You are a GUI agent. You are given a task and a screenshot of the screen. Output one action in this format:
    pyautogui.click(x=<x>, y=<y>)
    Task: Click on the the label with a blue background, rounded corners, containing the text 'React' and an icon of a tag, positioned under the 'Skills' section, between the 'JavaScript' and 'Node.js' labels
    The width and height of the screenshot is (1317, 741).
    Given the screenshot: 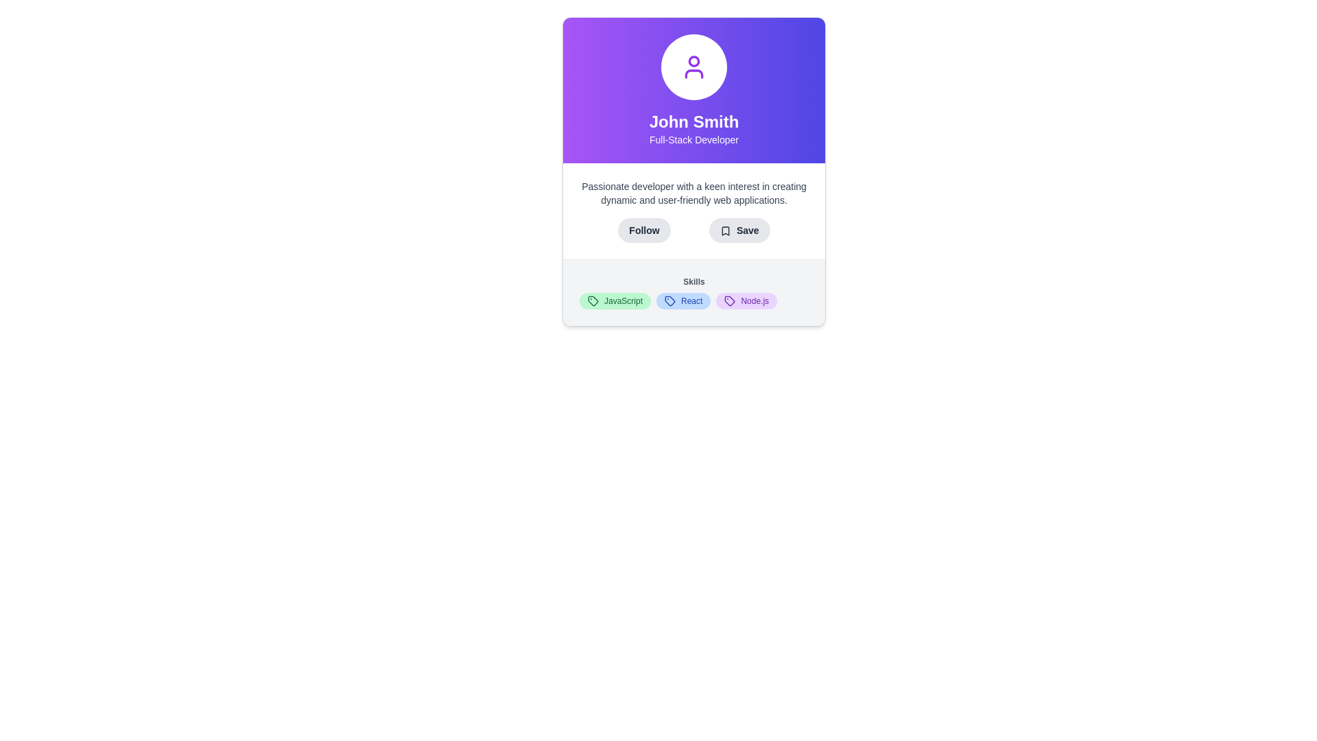 What is the action you would take?
    pyautogui.click(x=683, y=301)
    